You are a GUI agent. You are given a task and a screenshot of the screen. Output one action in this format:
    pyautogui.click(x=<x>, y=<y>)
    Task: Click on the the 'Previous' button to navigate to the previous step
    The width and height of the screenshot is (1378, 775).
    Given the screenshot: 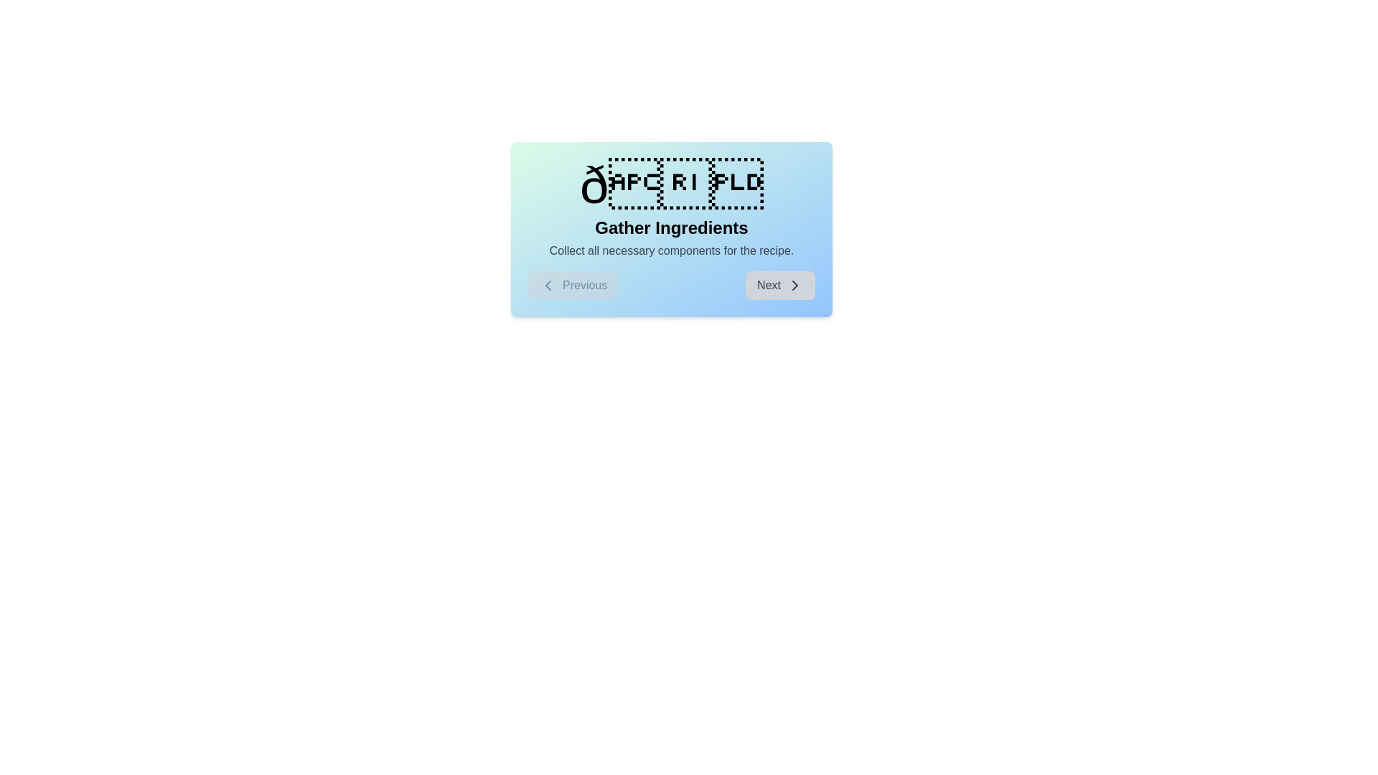 What is the action you would take?
    pyautogui.click(x=573, y=285)
    